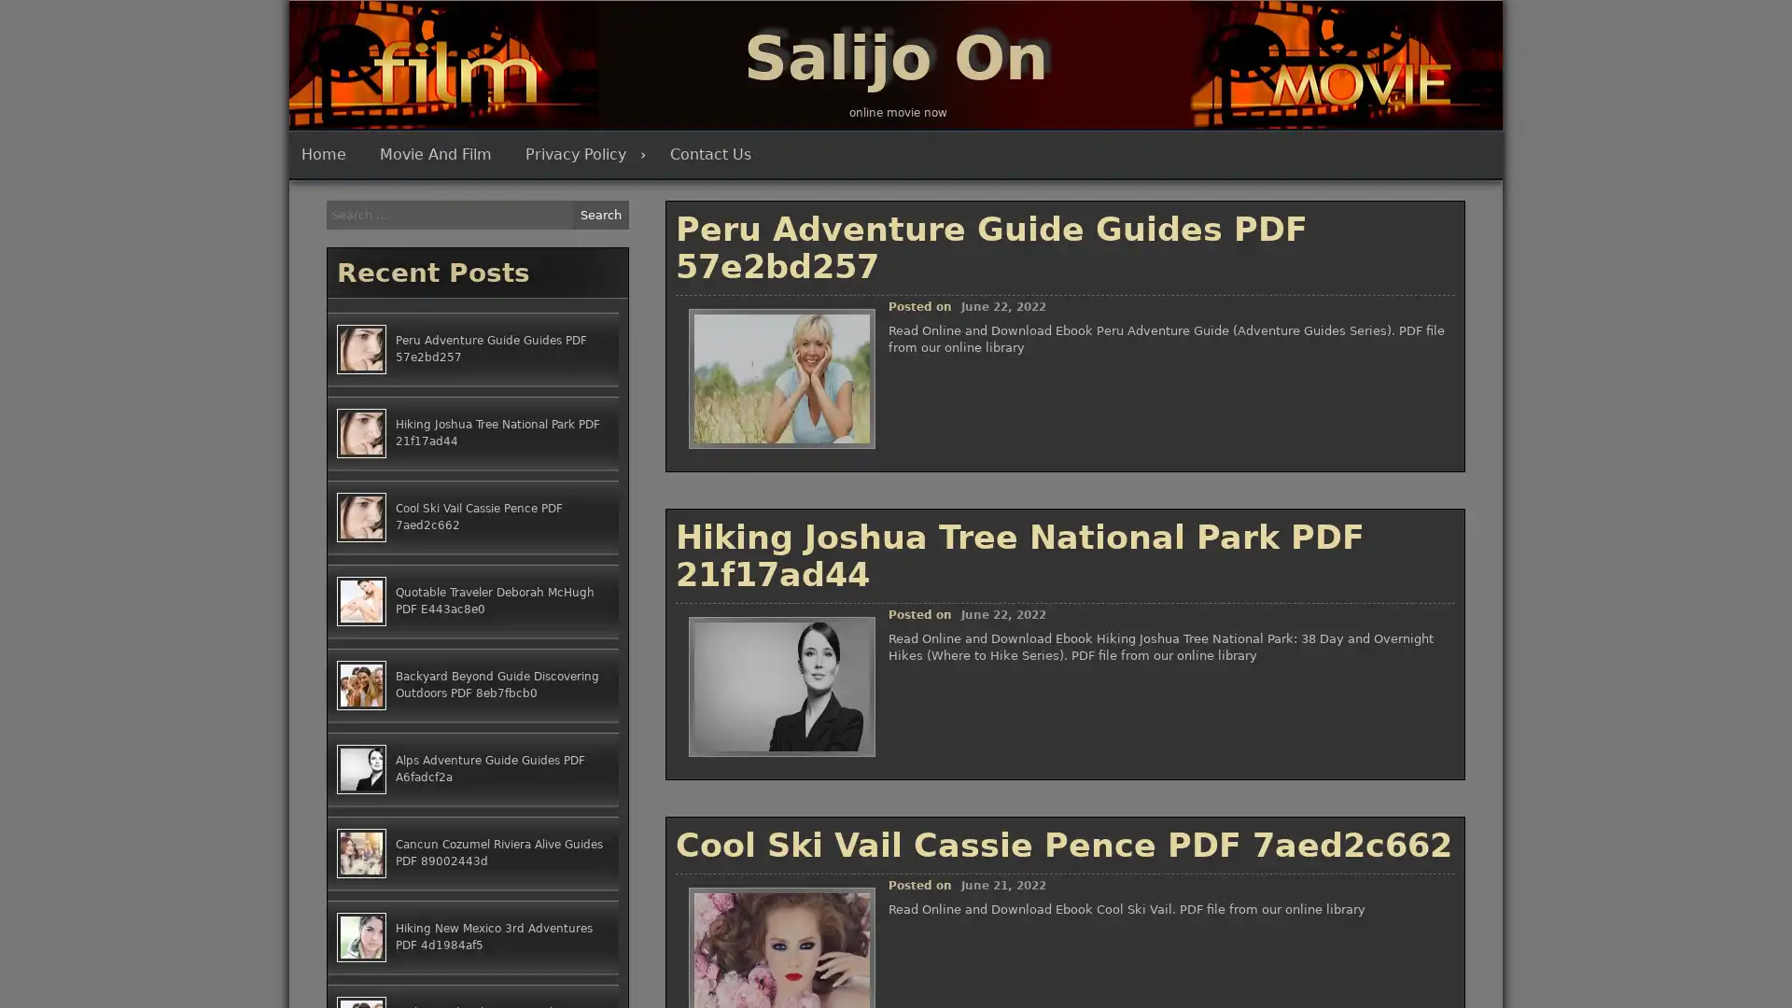  I want to click on Search, so click(600, 214).